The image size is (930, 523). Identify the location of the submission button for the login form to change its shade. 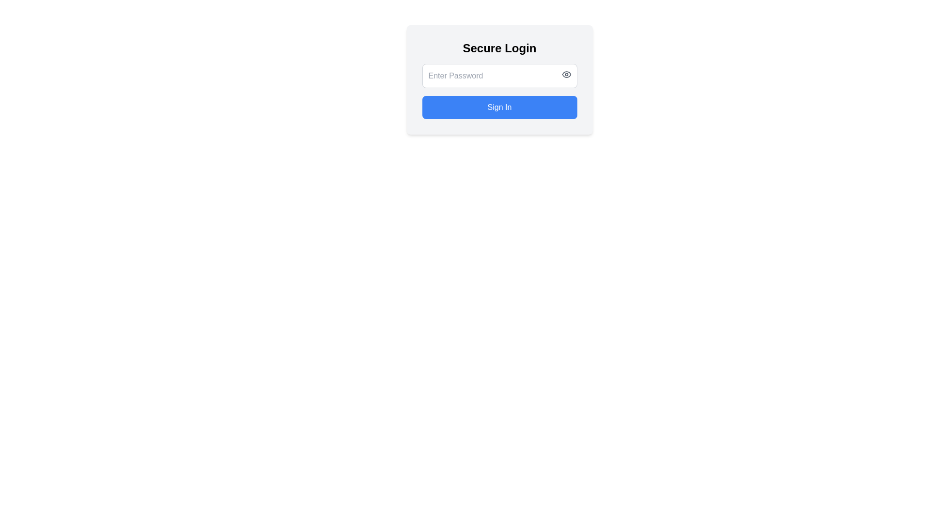
(499, 108).